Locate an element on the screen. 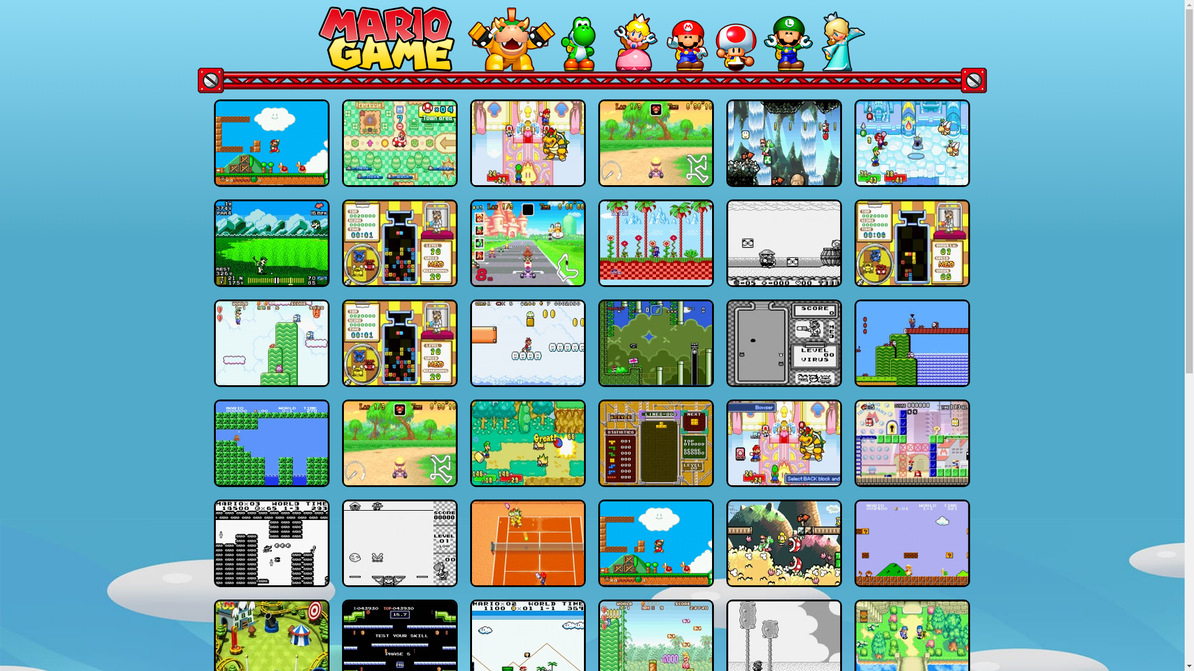 The height and width of the screenshot is (671, 1194). 'Mario Bros' is located at coordinates (400, 642).